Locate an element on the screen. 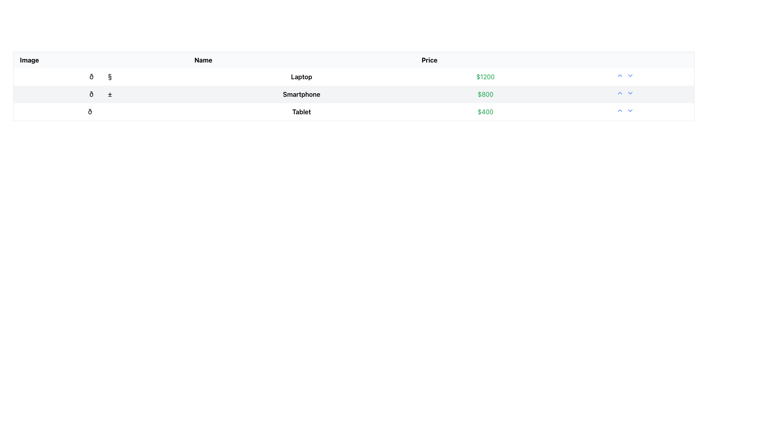 This screenshot has width=766, height=430. the interactive button for increasing the count or performing an upvote action in the 'Price' column of the table, specifically for the third row associated with the item labeled 'Tablet' is located at coordinates (619, 110).